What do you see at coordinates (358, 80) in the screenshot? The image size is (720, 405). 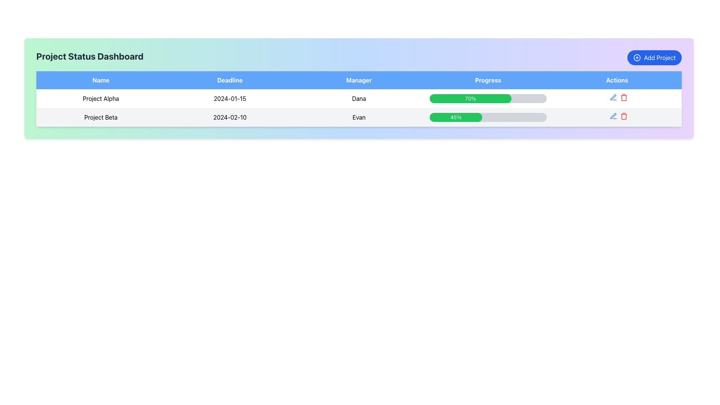 I see `the Text Label that labels the column containing manager names, located in the third position among the column headers between 'Deadline' and 'Progress'` at bounding box center [358, 80].